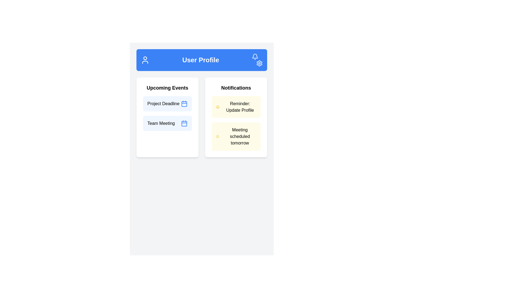  I want to click on the user icon located in the header section, positioned to the far left, adjacent to the 'User Profile' title, so click(145, 60).